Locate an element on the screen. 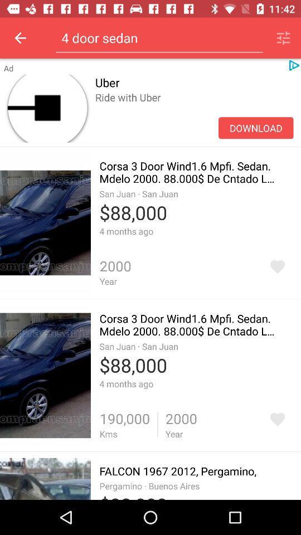 This screenshot has height=535, width=301. item below uber item is located at coordinates (193, 109).